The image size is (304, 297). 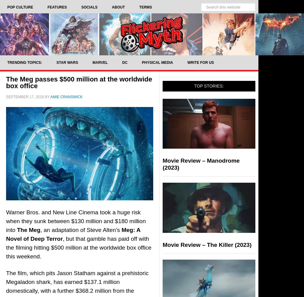 What do you see at coordinates (67, 62) in the screenshot?
I see `'Star Wars'` at bounding box center [67, 62].